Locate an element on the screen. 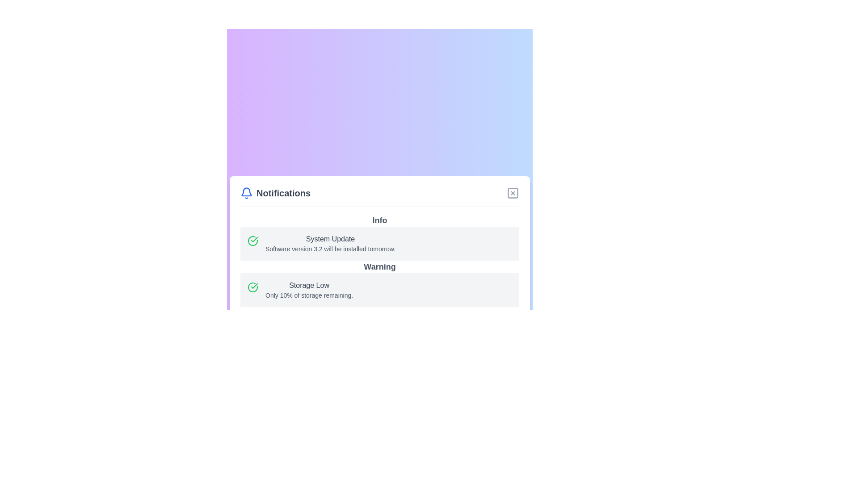 The height and width of the screenshot is (482, 858). the static text header element that indicates the purpose or category of the notifications section is located at coordinates (283, 192).